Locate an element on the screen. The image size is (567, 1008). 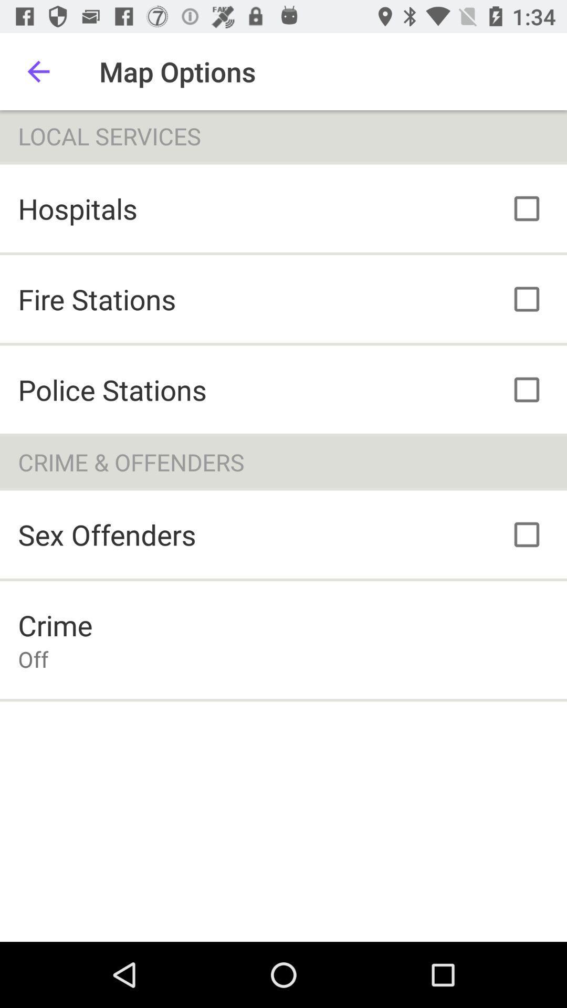
item below police stations item is located at coordinates (283, 462).